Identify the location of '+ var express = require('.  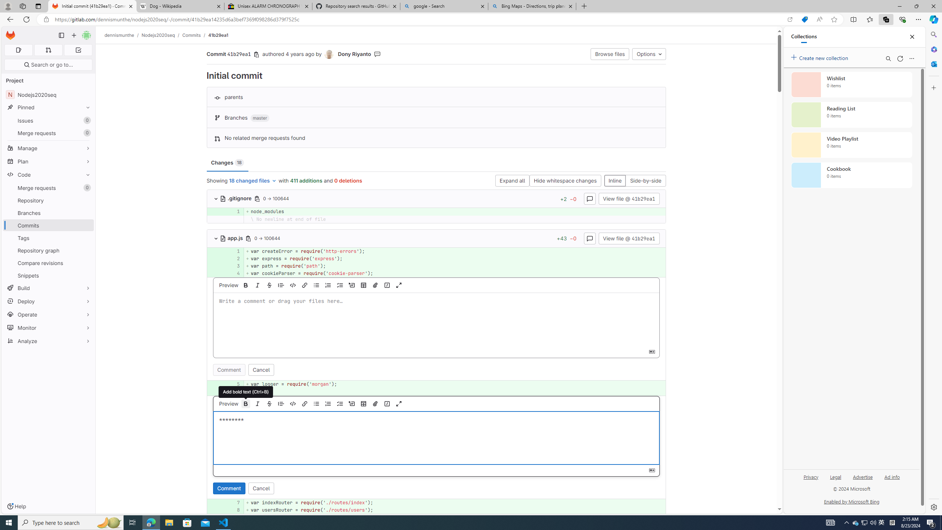
(454, 258).